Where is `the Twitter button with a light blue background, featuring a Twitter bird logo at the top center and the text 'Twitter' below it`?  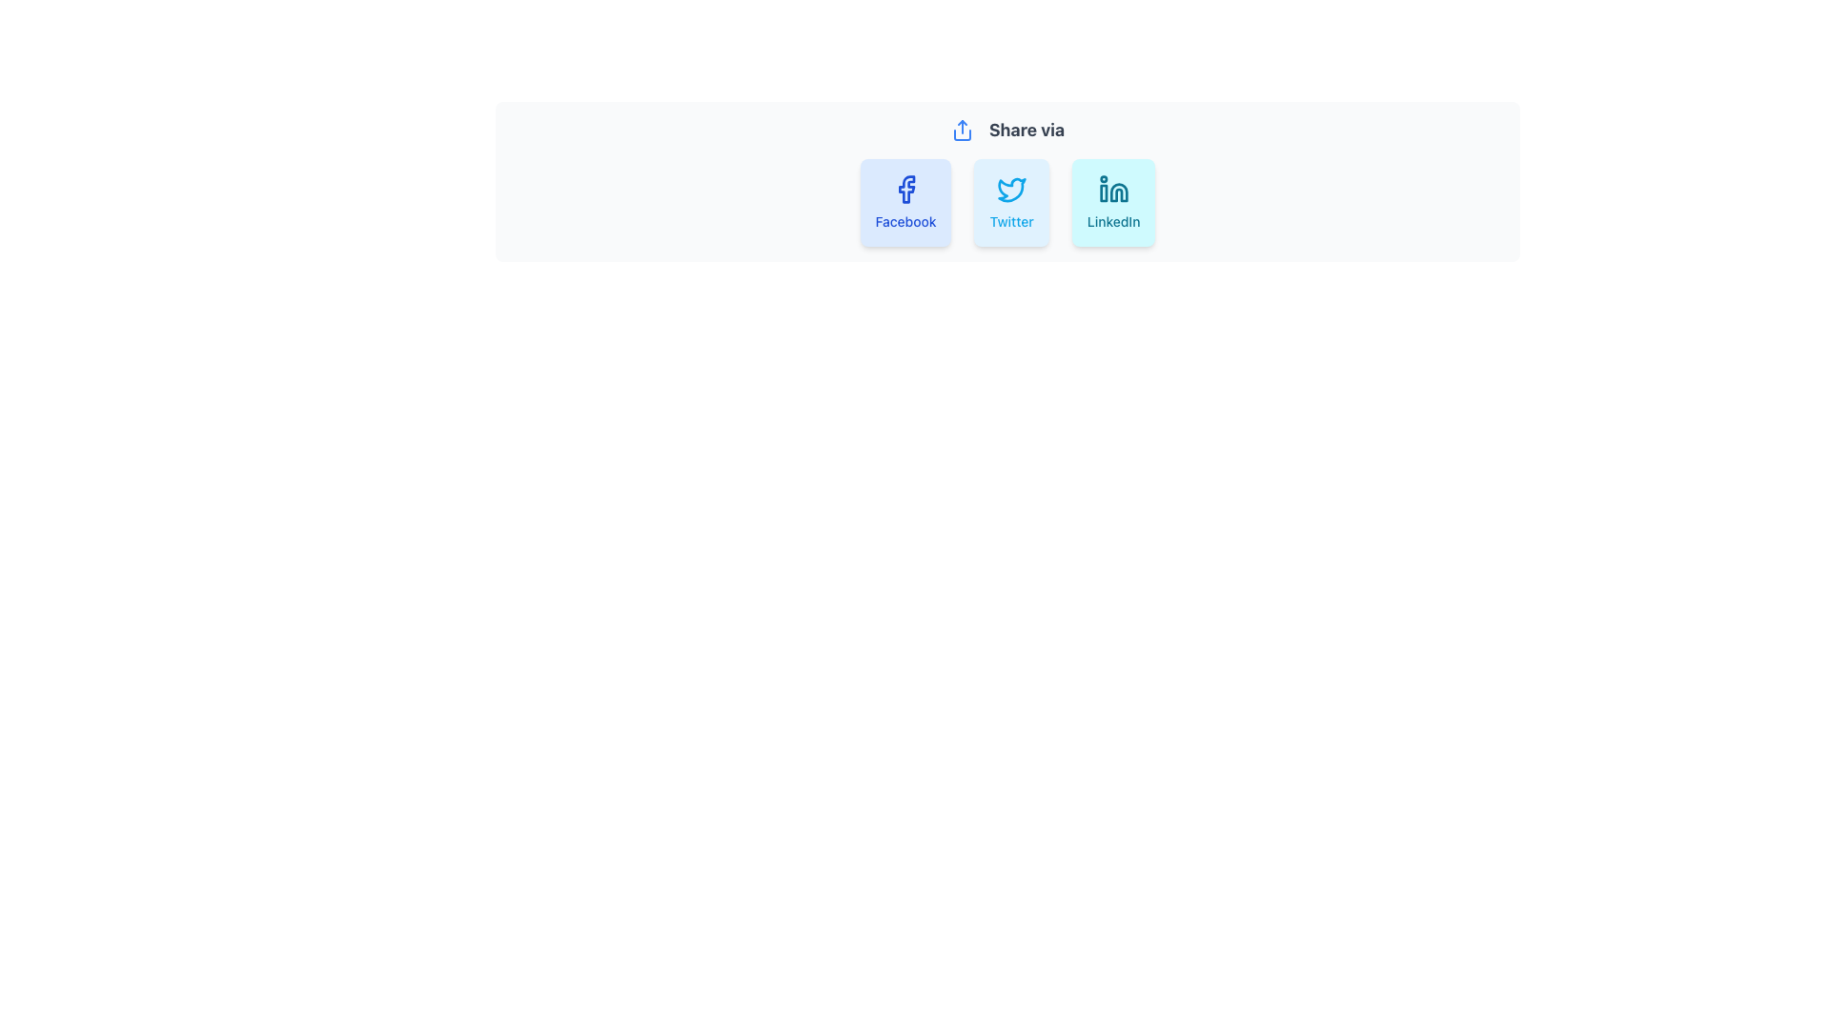
the Twitter button with a light blue background, featuring a Twitter bird logo at the top center and the text 'Twitter' below it is located at coordinates (1006, 202).